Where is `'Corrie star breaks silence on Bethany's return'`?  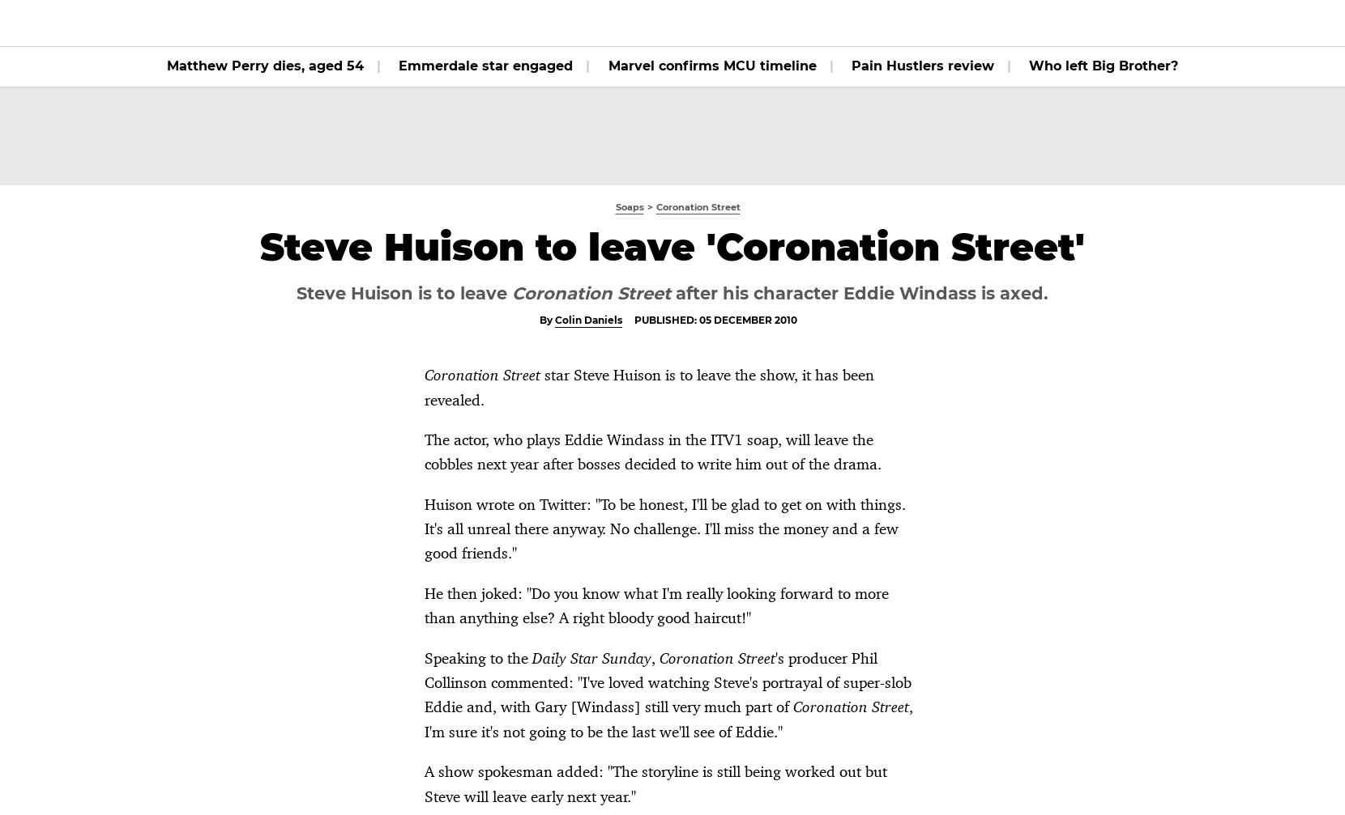
'Corrie star breaks silence on Bethany's return' is located at coordinates (299, 495).